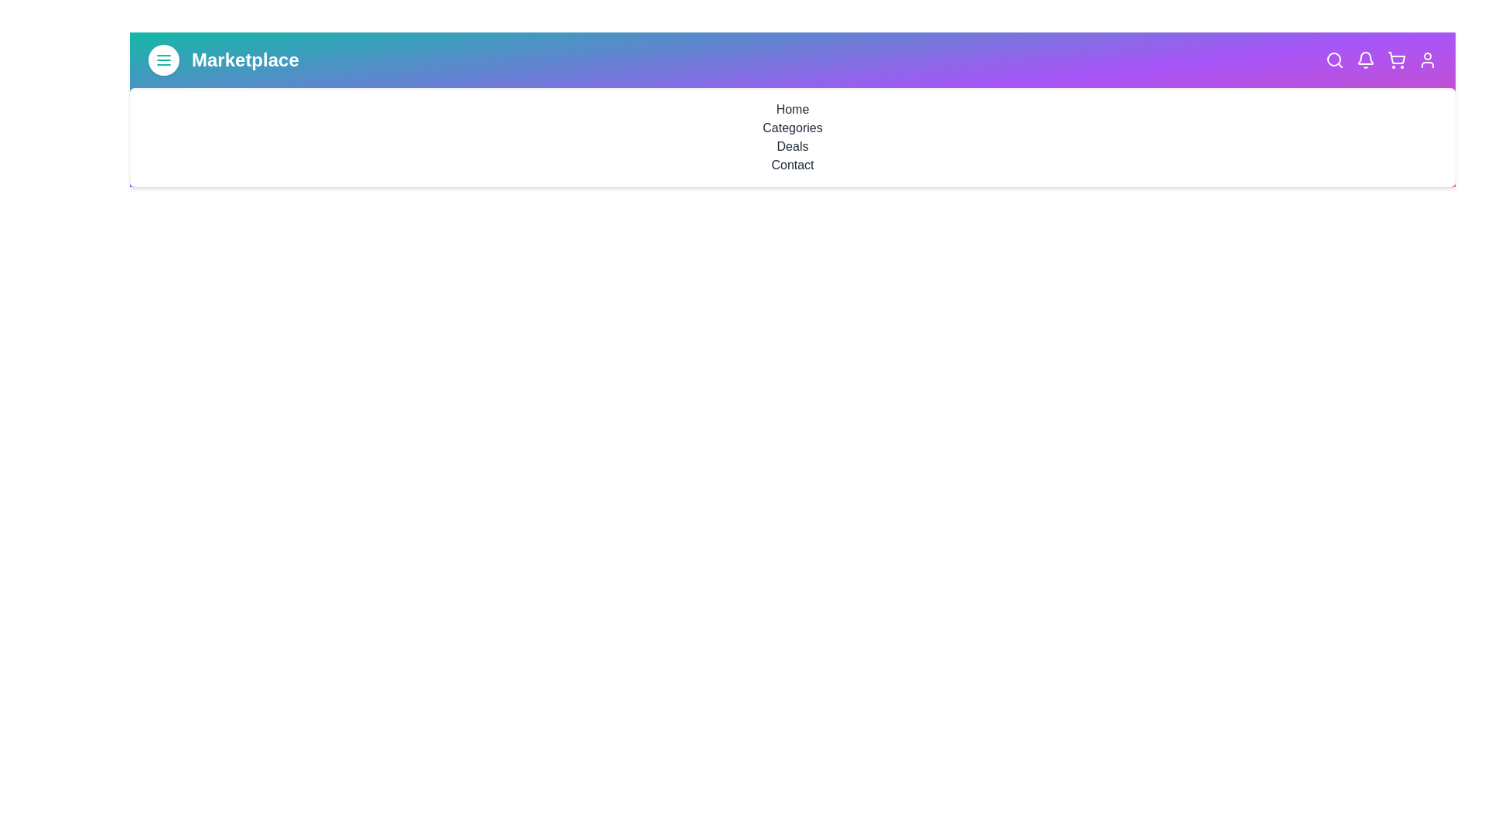 This screenshot has width=1485, height=835. I want to click on the cart icon in the app bar, so click(1396, 59).